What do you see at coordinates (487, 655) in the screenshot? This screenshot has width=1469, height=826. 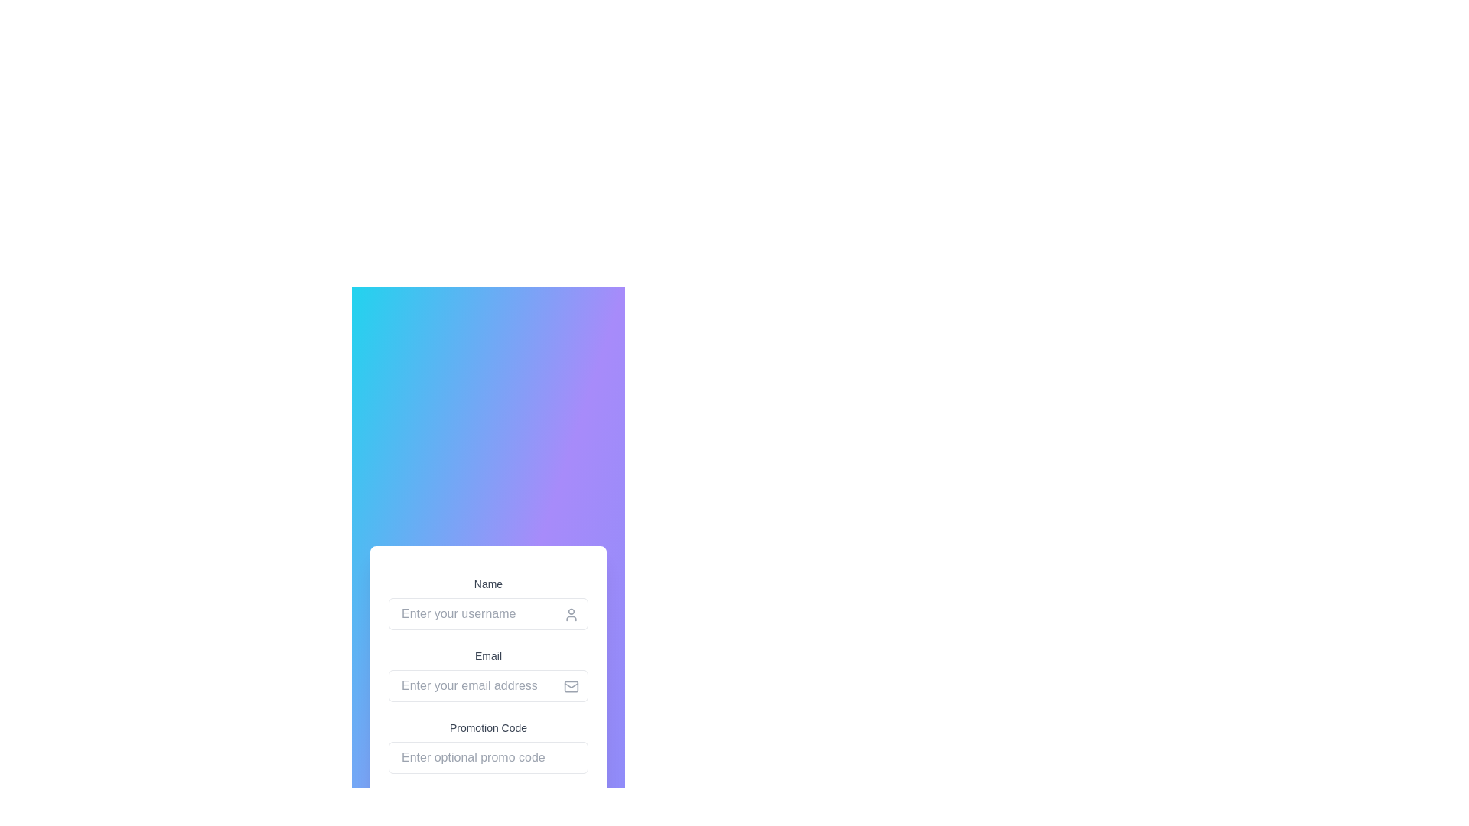 I see `the text label displaying 'Email', which is centered above the email input field in a form` at bounding box center [487, 655].